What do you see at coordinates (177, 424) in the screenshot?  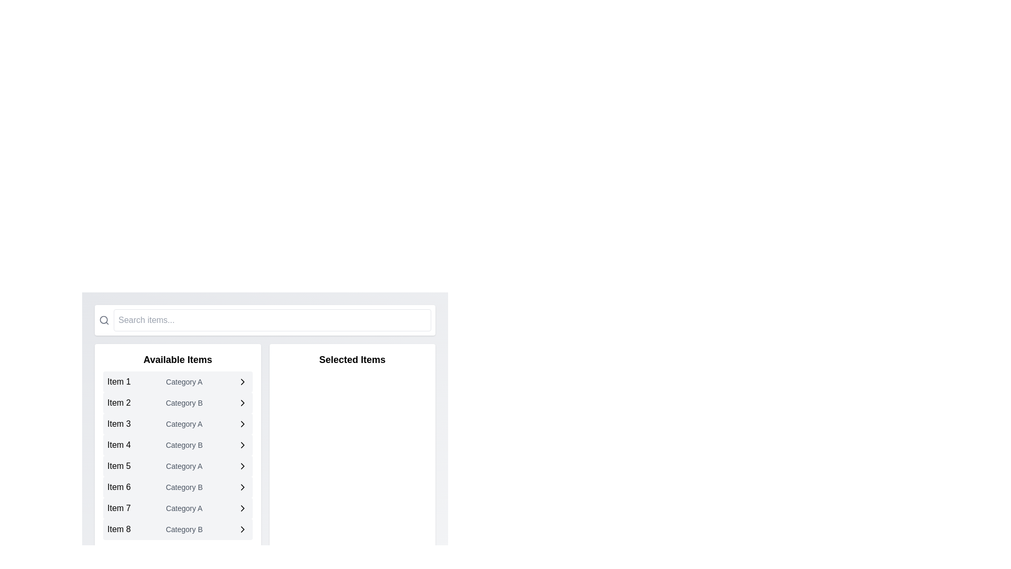 I see `the third item in the selectable list labeled 'Available Items'` at bounding box center [177, 424].